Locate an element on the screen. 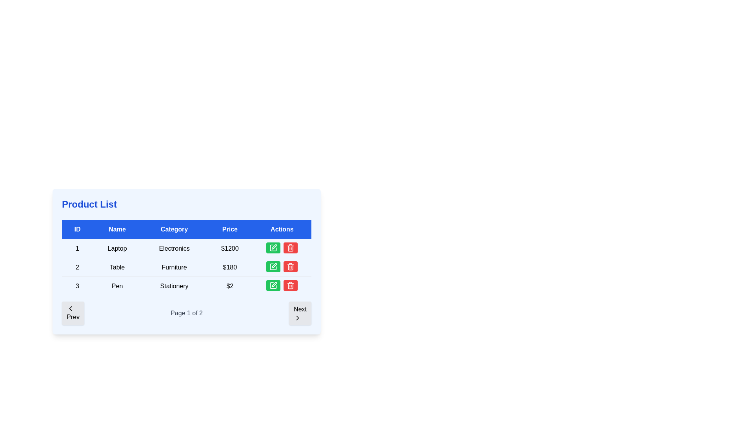 Image resolution: width=753 pixels, height=423 pixels. the second row of the table displaying '2', 'Table', 'Furniture', and '$180' for selection is located at coordinates (186, 267).